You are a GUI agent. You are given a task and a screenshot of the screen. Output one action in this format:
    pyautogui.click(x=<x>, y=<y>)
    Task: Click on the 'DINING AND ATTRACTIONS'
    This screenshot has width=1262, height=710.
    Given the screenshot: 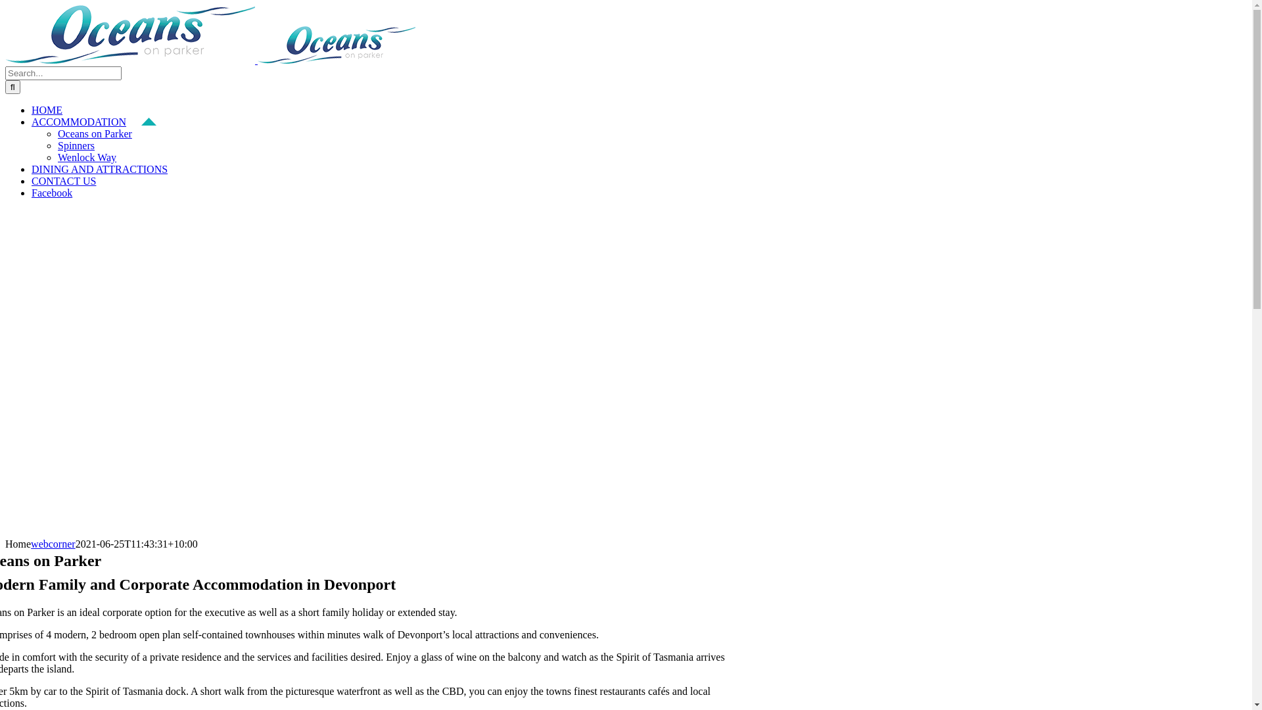 What is the action you would take?
    pyautogui.click(x=107, y=168)
    